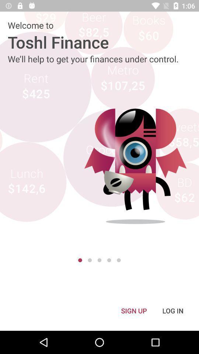 The image size is (199, 354). What do you see at coordinates (173, 310) in the screenshot?
I see `the icon to the right of sign up` at bounding box center [173, 310].